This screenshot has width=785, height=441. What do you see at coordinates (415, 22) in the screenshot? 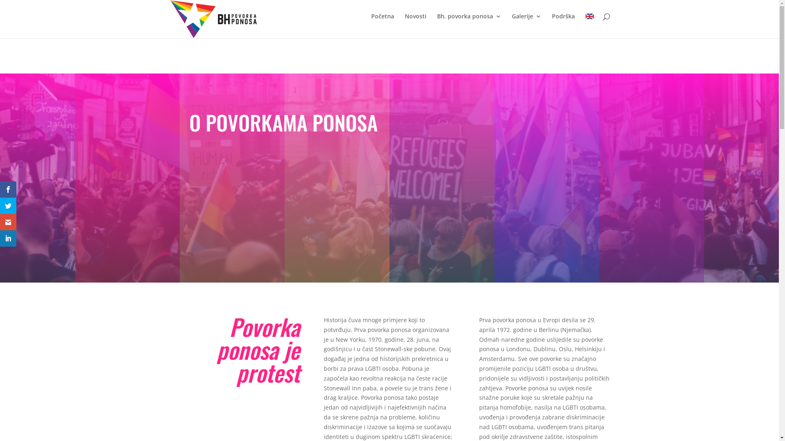
I see `'Novosti'` at bounding box center [415, 22].